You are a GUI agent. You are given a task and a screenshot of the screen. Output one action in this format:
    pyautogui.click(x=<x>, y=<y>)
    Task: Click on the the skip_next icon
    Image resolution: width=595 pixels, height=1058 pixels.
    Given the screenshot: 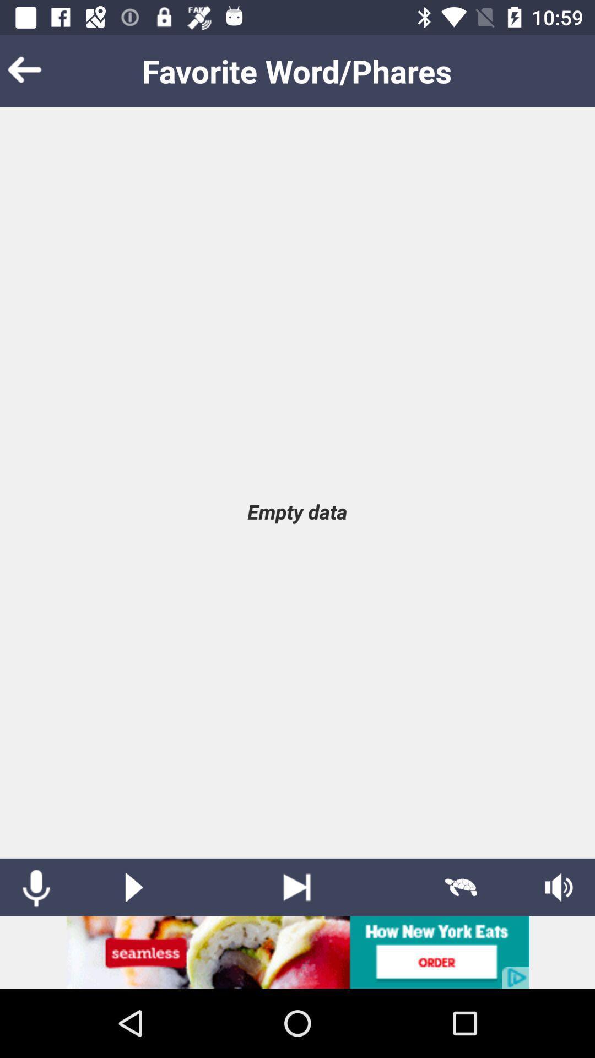 What is the action you would take?
    pyautogui.click(x=296, y=887)
    